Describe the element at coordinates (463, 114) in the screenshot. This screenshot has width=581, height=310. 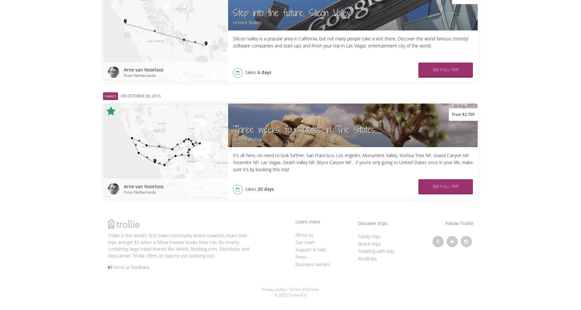
I see `'From $2,769'` at that location.